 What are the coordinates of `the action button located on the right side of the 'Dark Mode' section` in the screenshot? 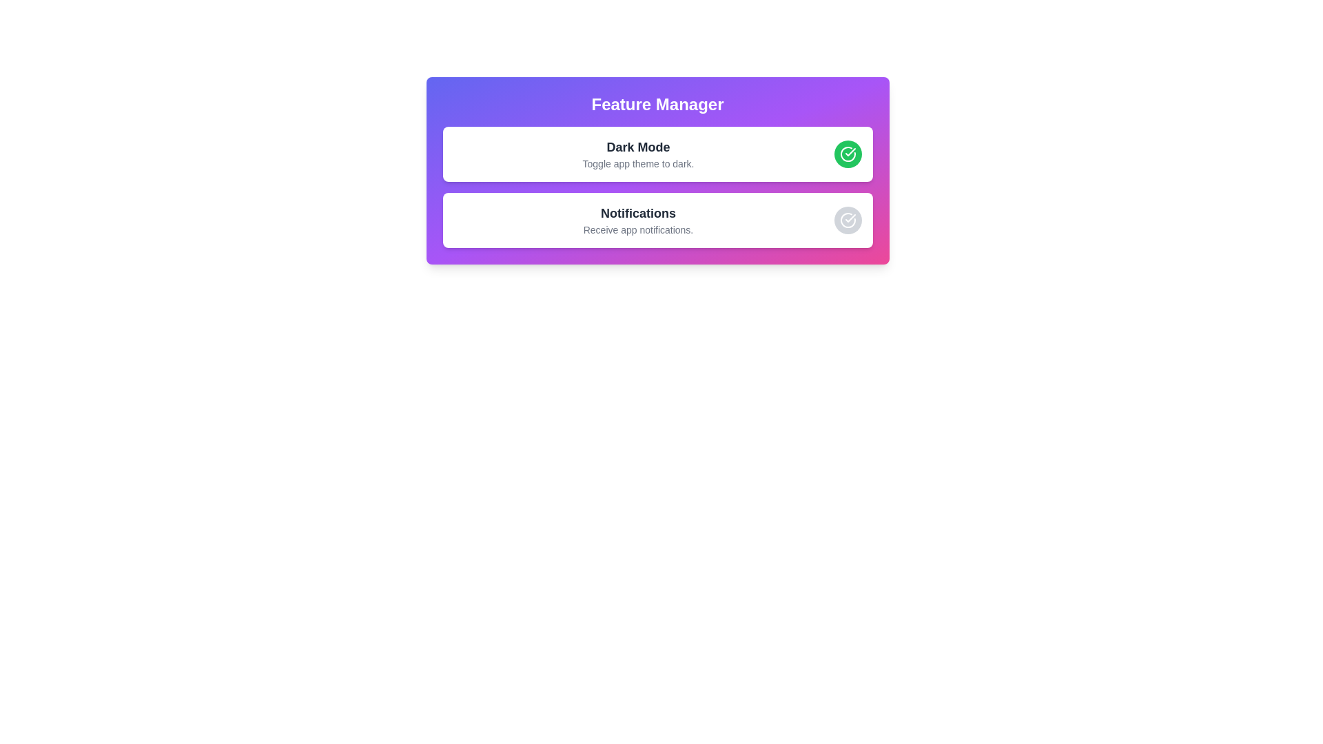 It's located at (847, 154).